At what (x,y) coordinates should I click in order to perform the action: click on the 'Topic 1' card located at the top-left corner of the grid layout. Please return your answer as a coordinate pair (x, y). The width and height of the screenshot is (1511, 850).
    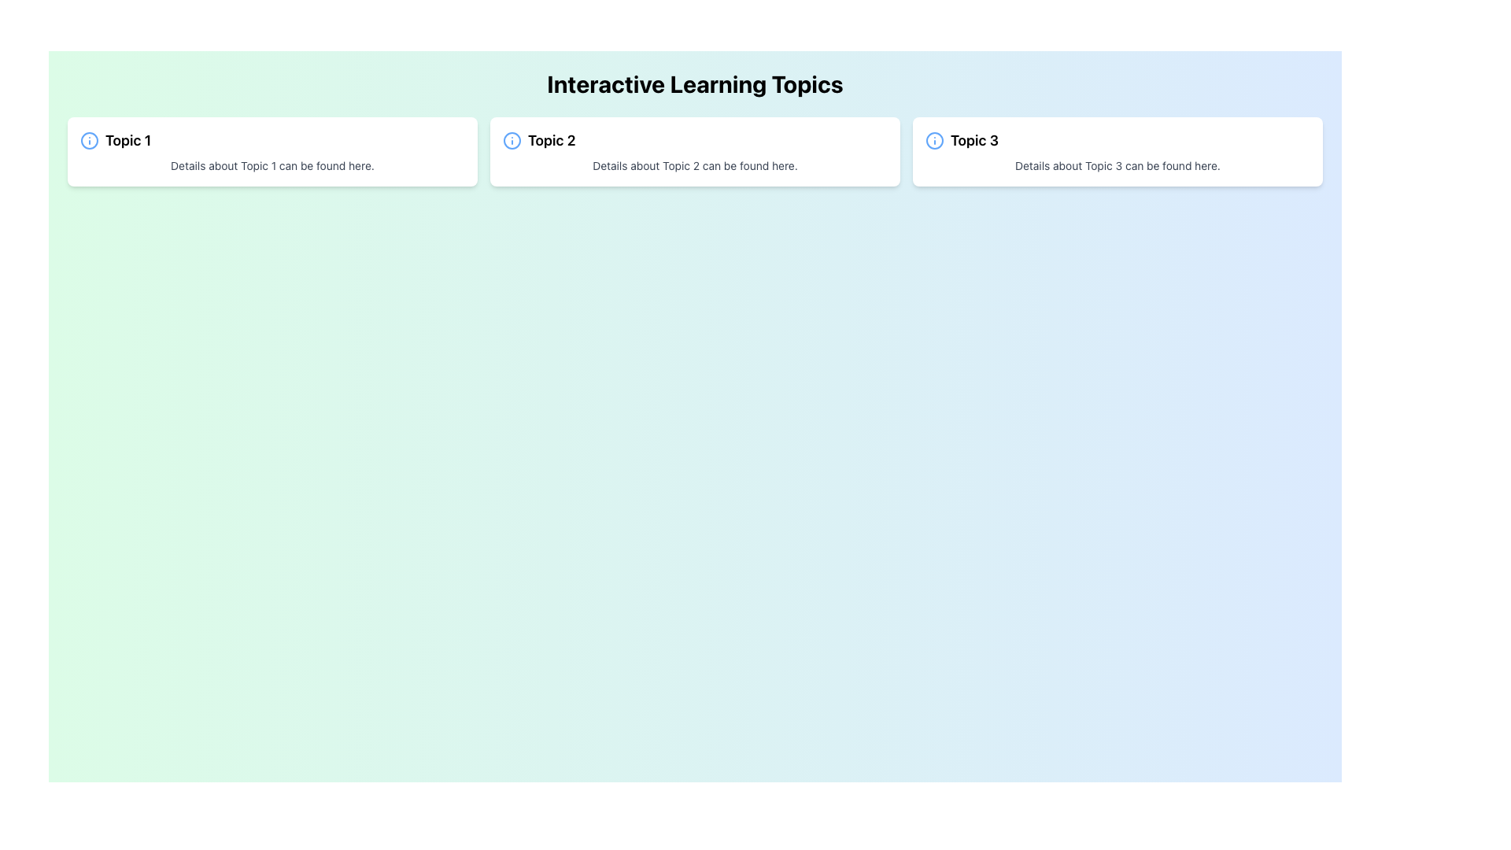
    Looking at the image, I should click on (272, 151).